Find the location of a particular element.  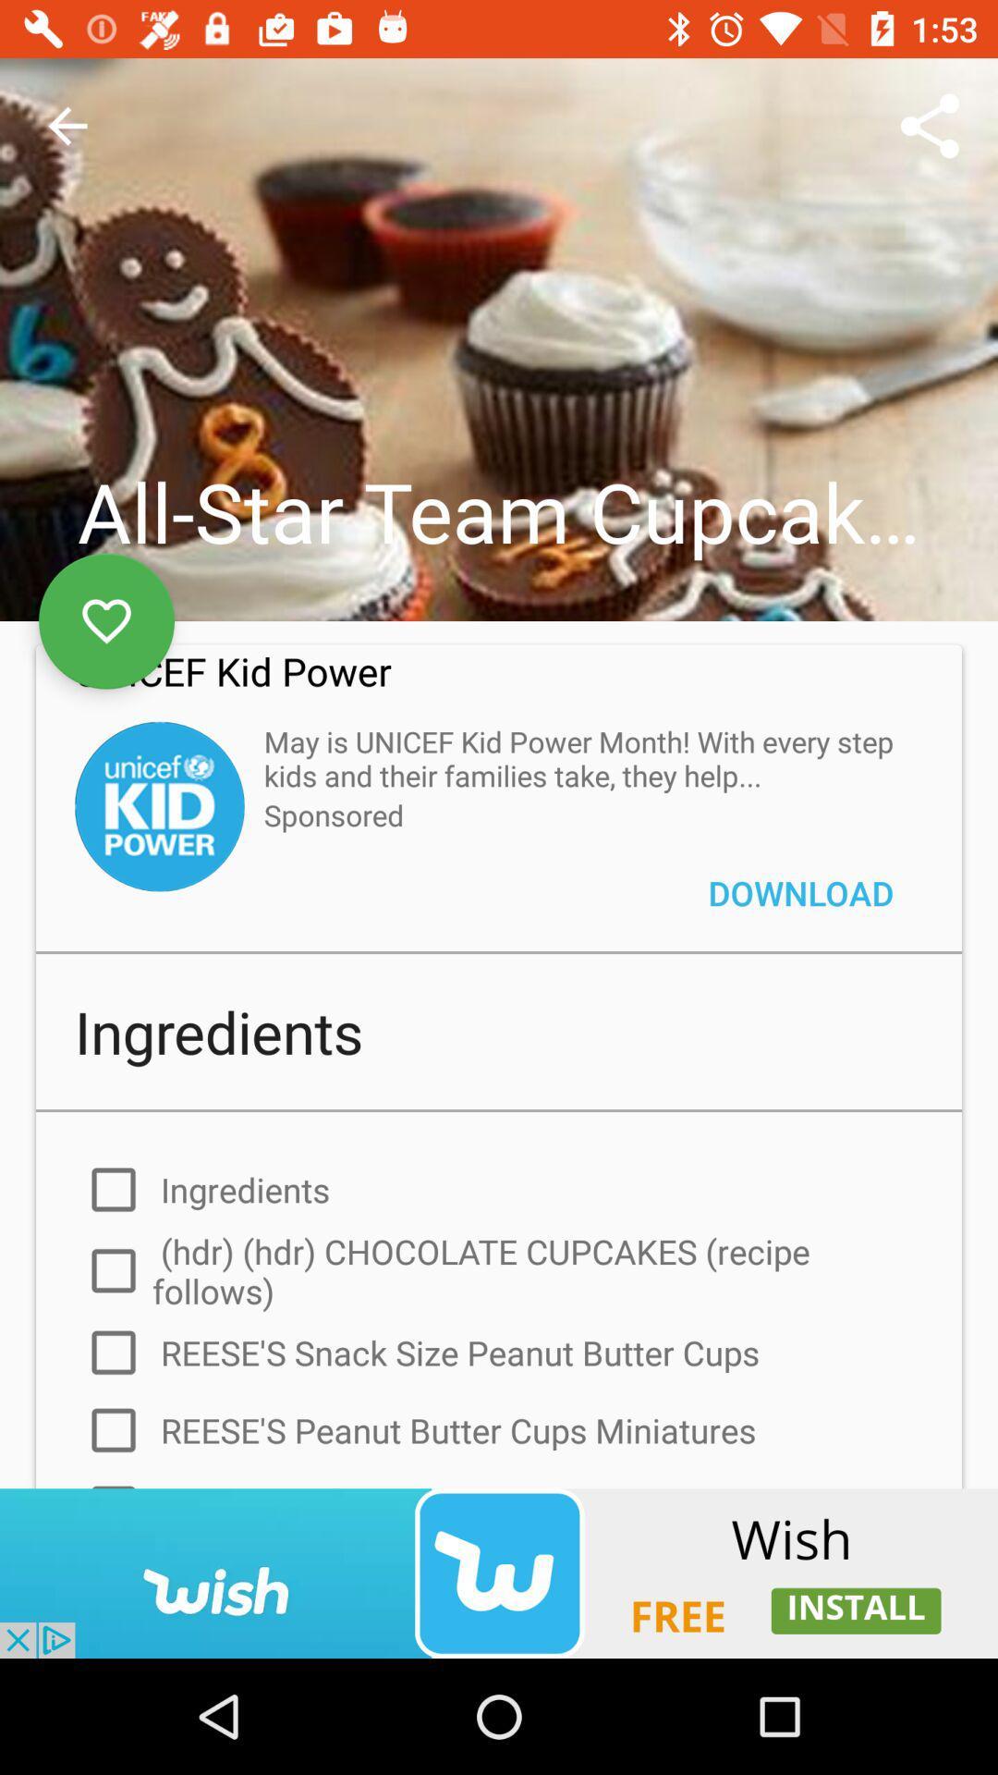

open browser is located at coordinates (499, 1573).